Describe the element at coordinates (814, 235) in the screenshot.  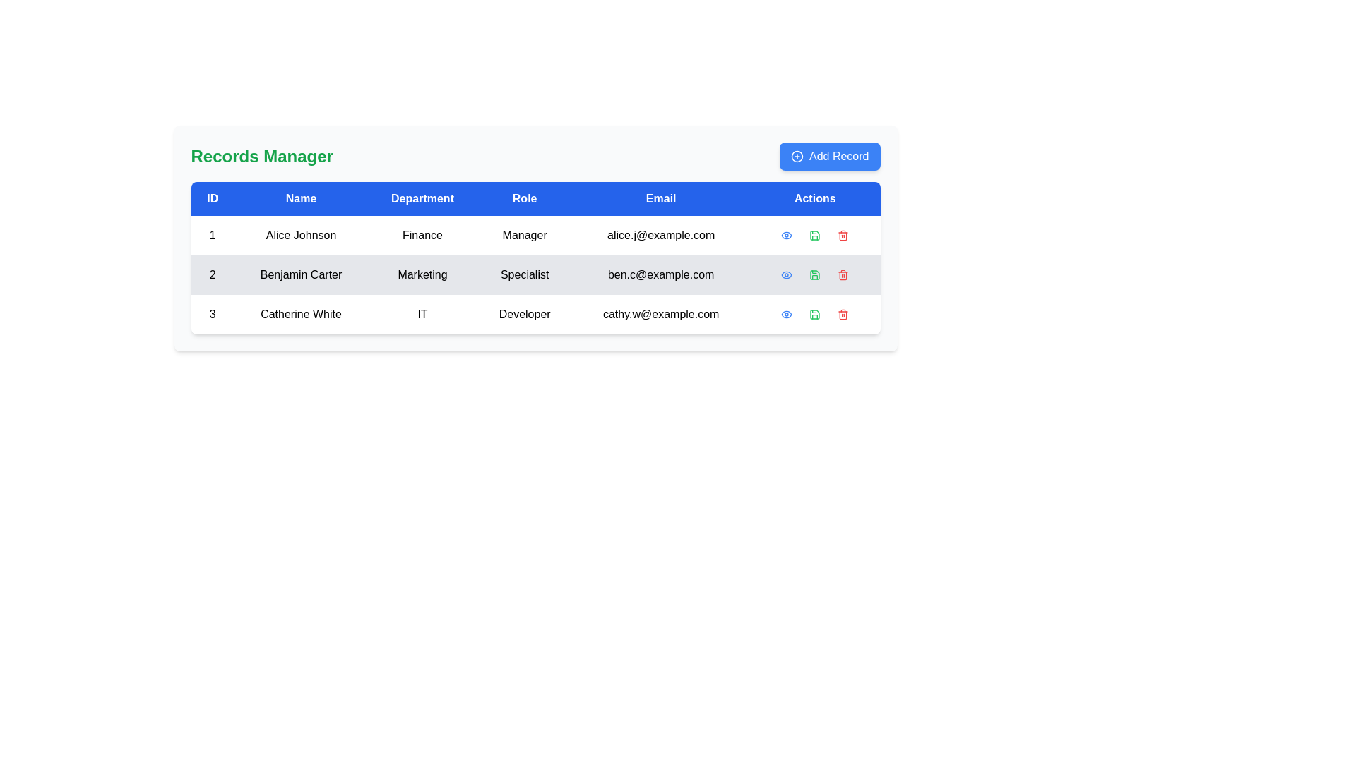
I see `the small green button with a save icon located under the 'Actions' column in the first row of the table` at that location.